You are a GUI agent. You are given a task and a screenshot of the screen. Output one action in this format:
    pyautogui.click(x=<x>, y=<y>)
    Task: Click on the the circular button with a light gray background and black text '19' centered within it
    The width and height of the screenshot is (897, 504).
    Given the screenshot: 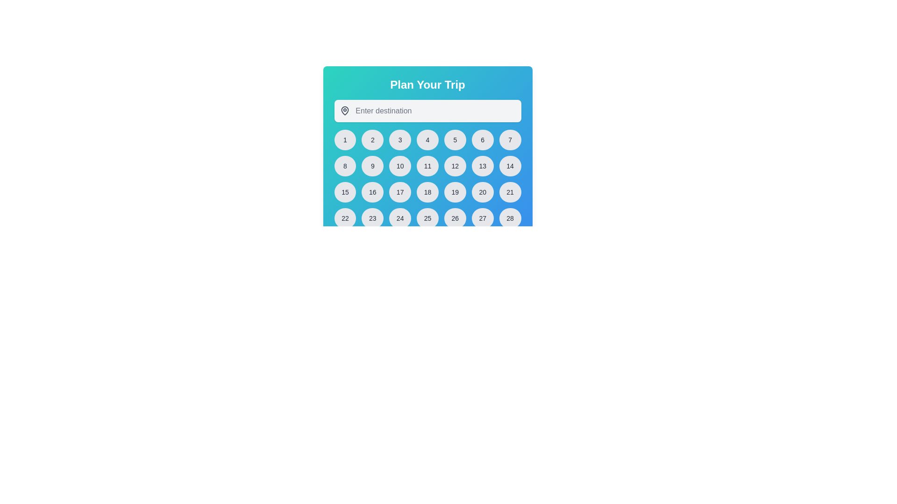 What is the action you would take?
    pyautogui.click(x=455, y=192)
    